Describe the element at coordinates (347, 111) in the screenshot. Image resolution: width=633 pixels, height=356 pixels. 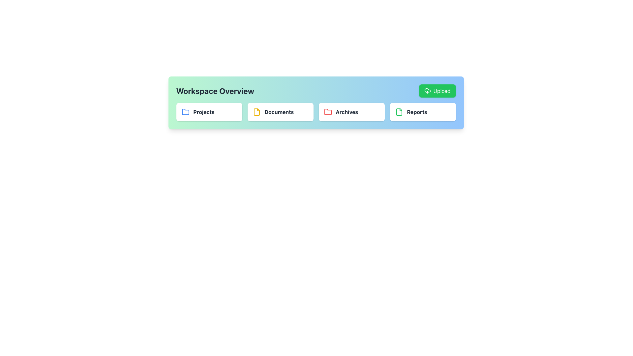
I see `the 'Archives' label, which is centrally positioned within a rectangular card that indicates the category for archived items` at that location.